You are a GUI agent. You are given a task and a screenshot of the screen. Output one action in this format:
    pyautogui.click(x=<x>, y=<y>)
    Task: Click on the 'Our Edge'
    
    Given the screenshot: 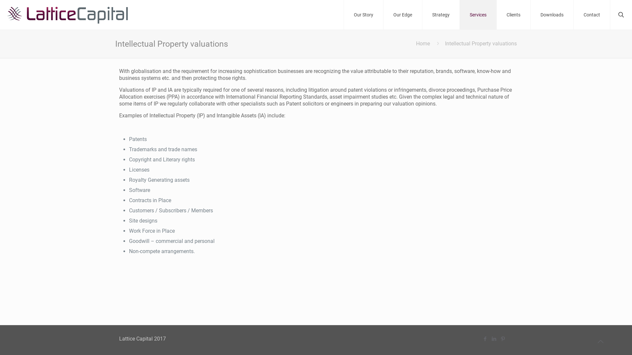 What is the action you would take?
    pyautogui.click(x=403, y=15)
    